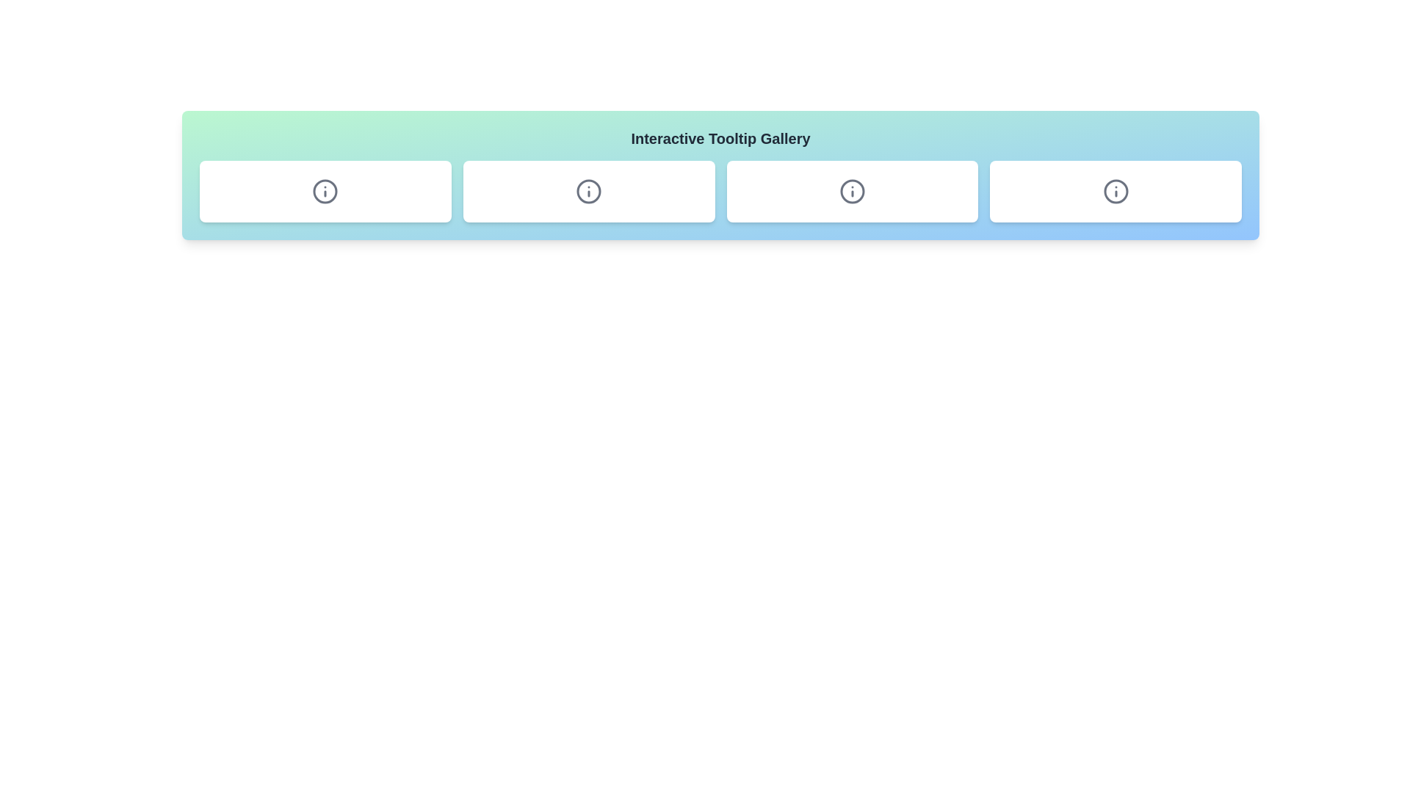 Image resolution: width=1410 pixels, height=793 pixels. I want to click on the inactive gray circular element within the SVG icon, which is located in the fourth box from the left in a sequence of similar boxes, so click(1116, 191).